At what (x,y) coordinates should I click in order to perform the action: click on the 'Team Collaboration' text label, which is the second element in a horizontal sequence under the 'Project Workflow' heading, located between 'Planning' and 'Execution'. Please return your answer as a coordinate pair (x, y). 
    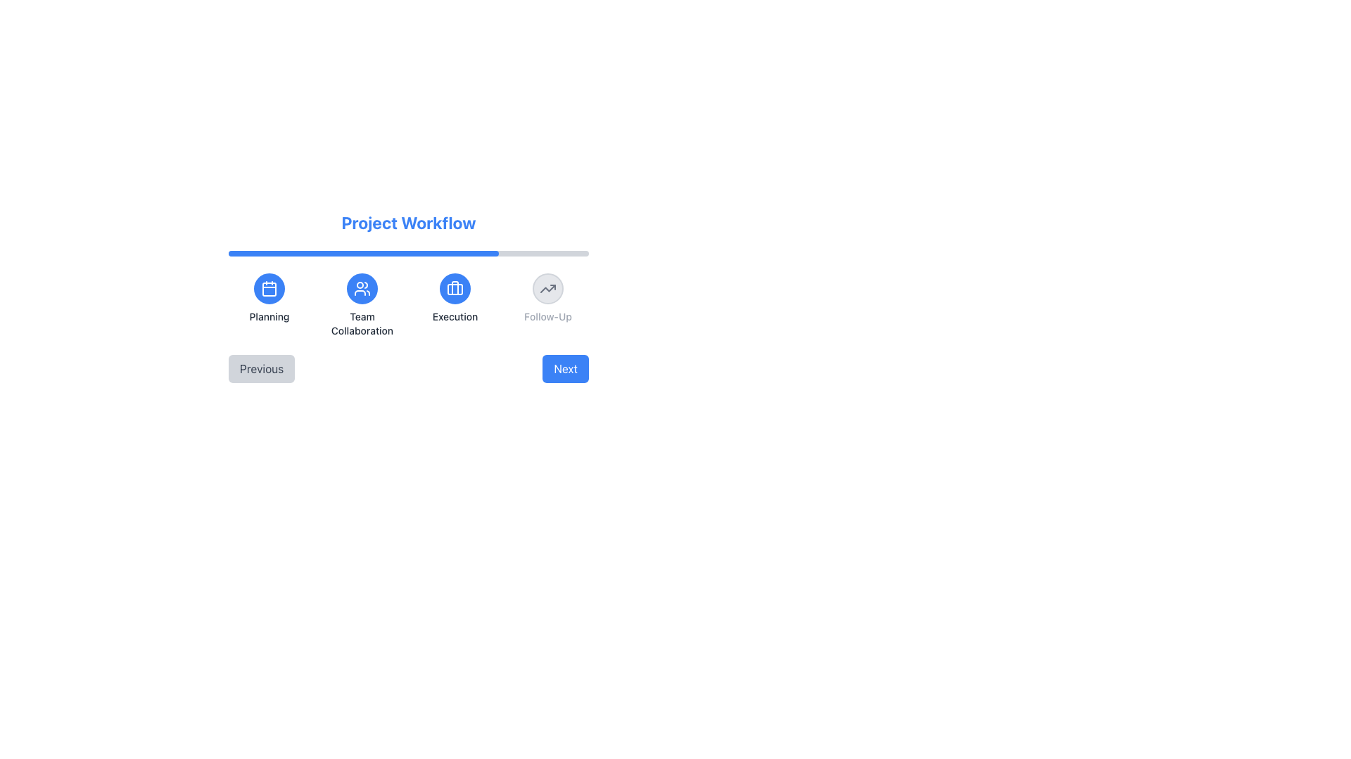
    Looking at the image, I should click on (362, 324).